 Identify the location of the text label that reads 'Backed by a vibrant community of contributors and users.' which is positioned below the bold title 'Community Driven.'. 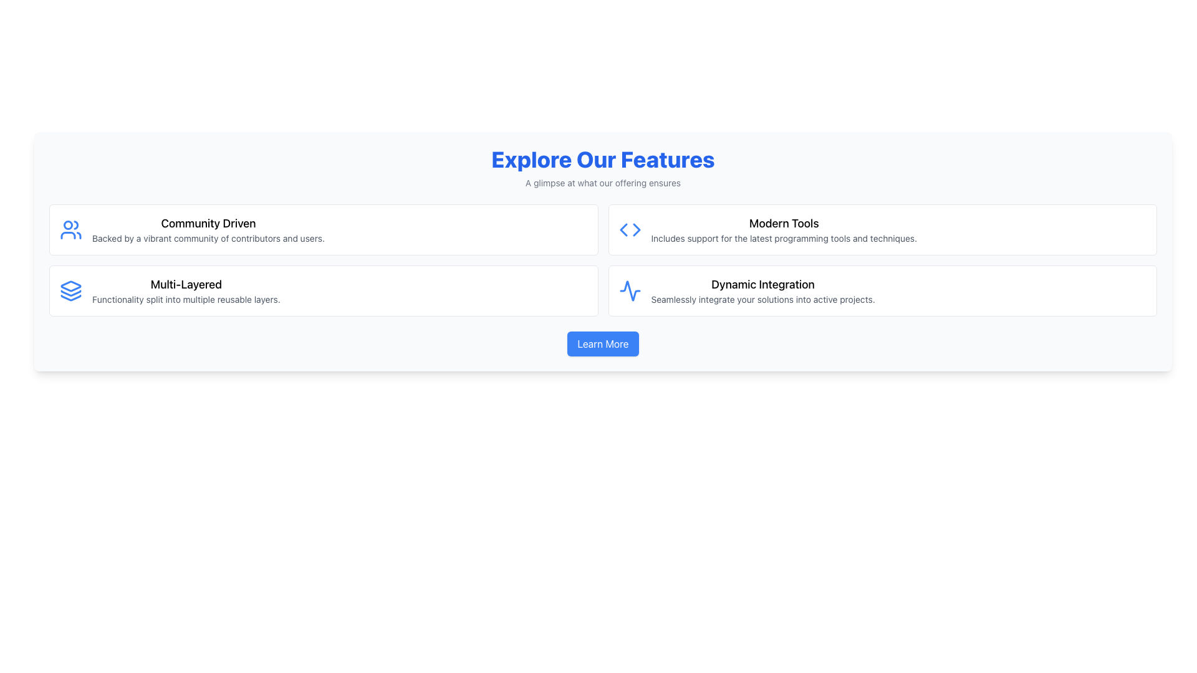
(208, 238).